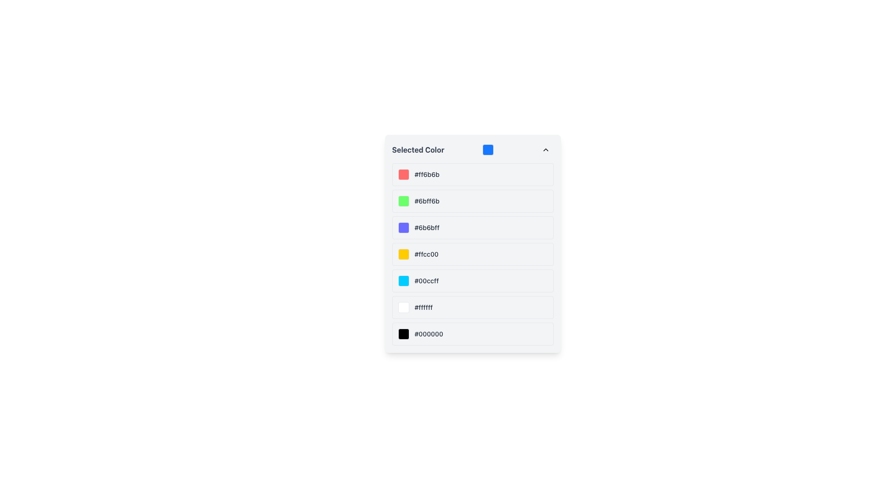 The width and height of the screenshot is (880, 495). I want to click on the visual color indicator representing the color '#ff6b6b' located at the far left of its list item, so click(403, 175).